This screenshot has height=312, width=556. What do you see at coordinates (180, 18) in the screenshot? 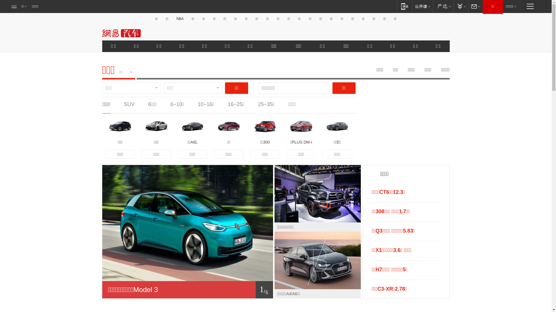
I see `'NBA'` at bounding box center [180, 18].